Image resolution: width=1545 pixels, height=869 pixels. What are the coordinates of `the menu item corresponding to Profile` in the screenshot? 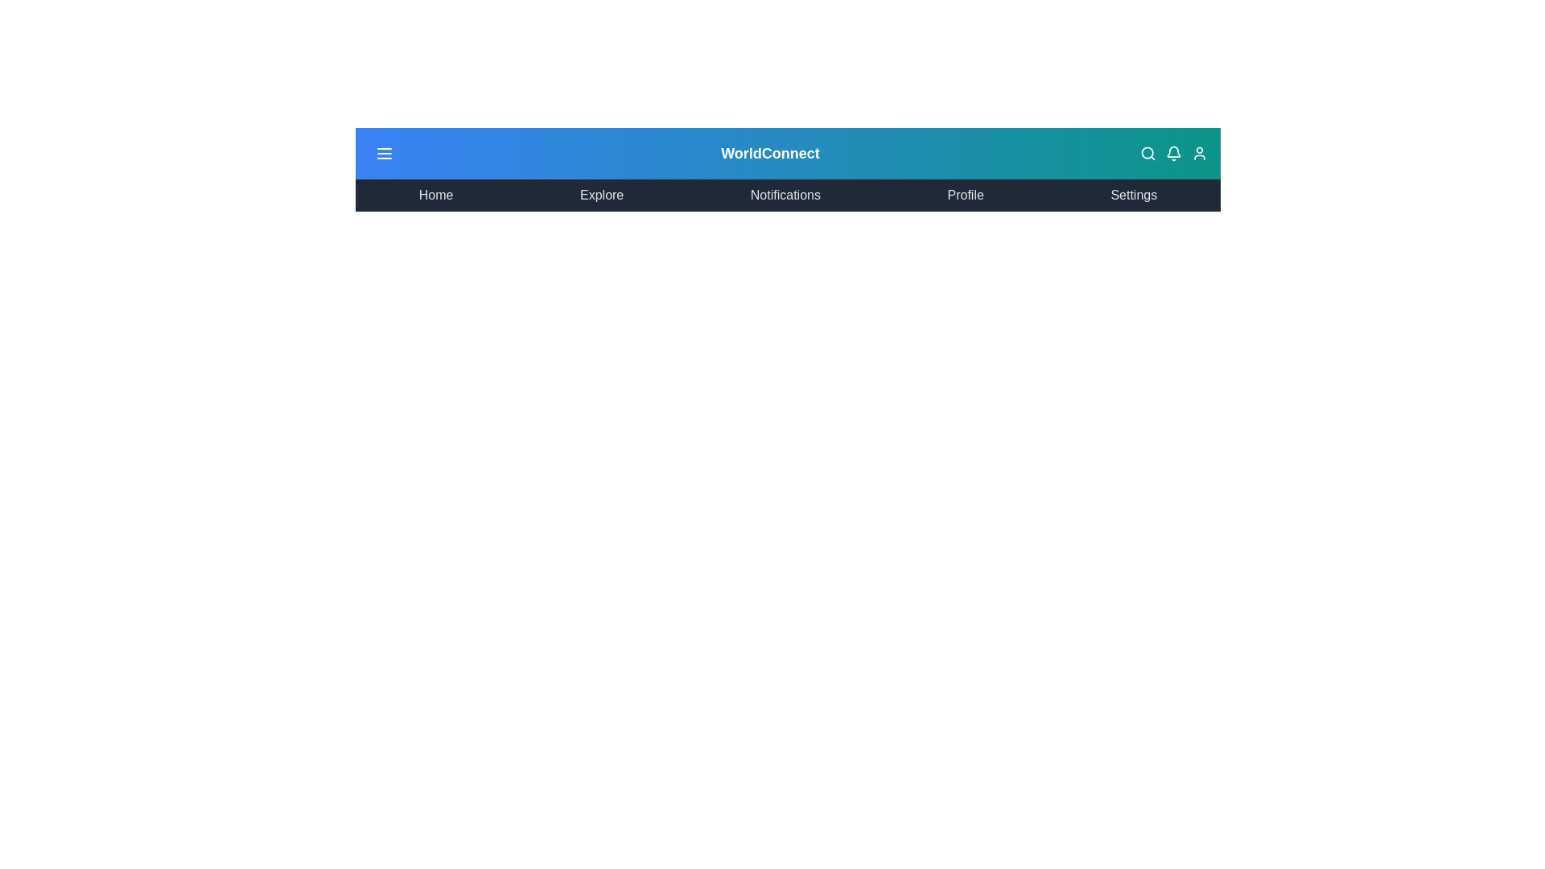 It's located at (966, 195).